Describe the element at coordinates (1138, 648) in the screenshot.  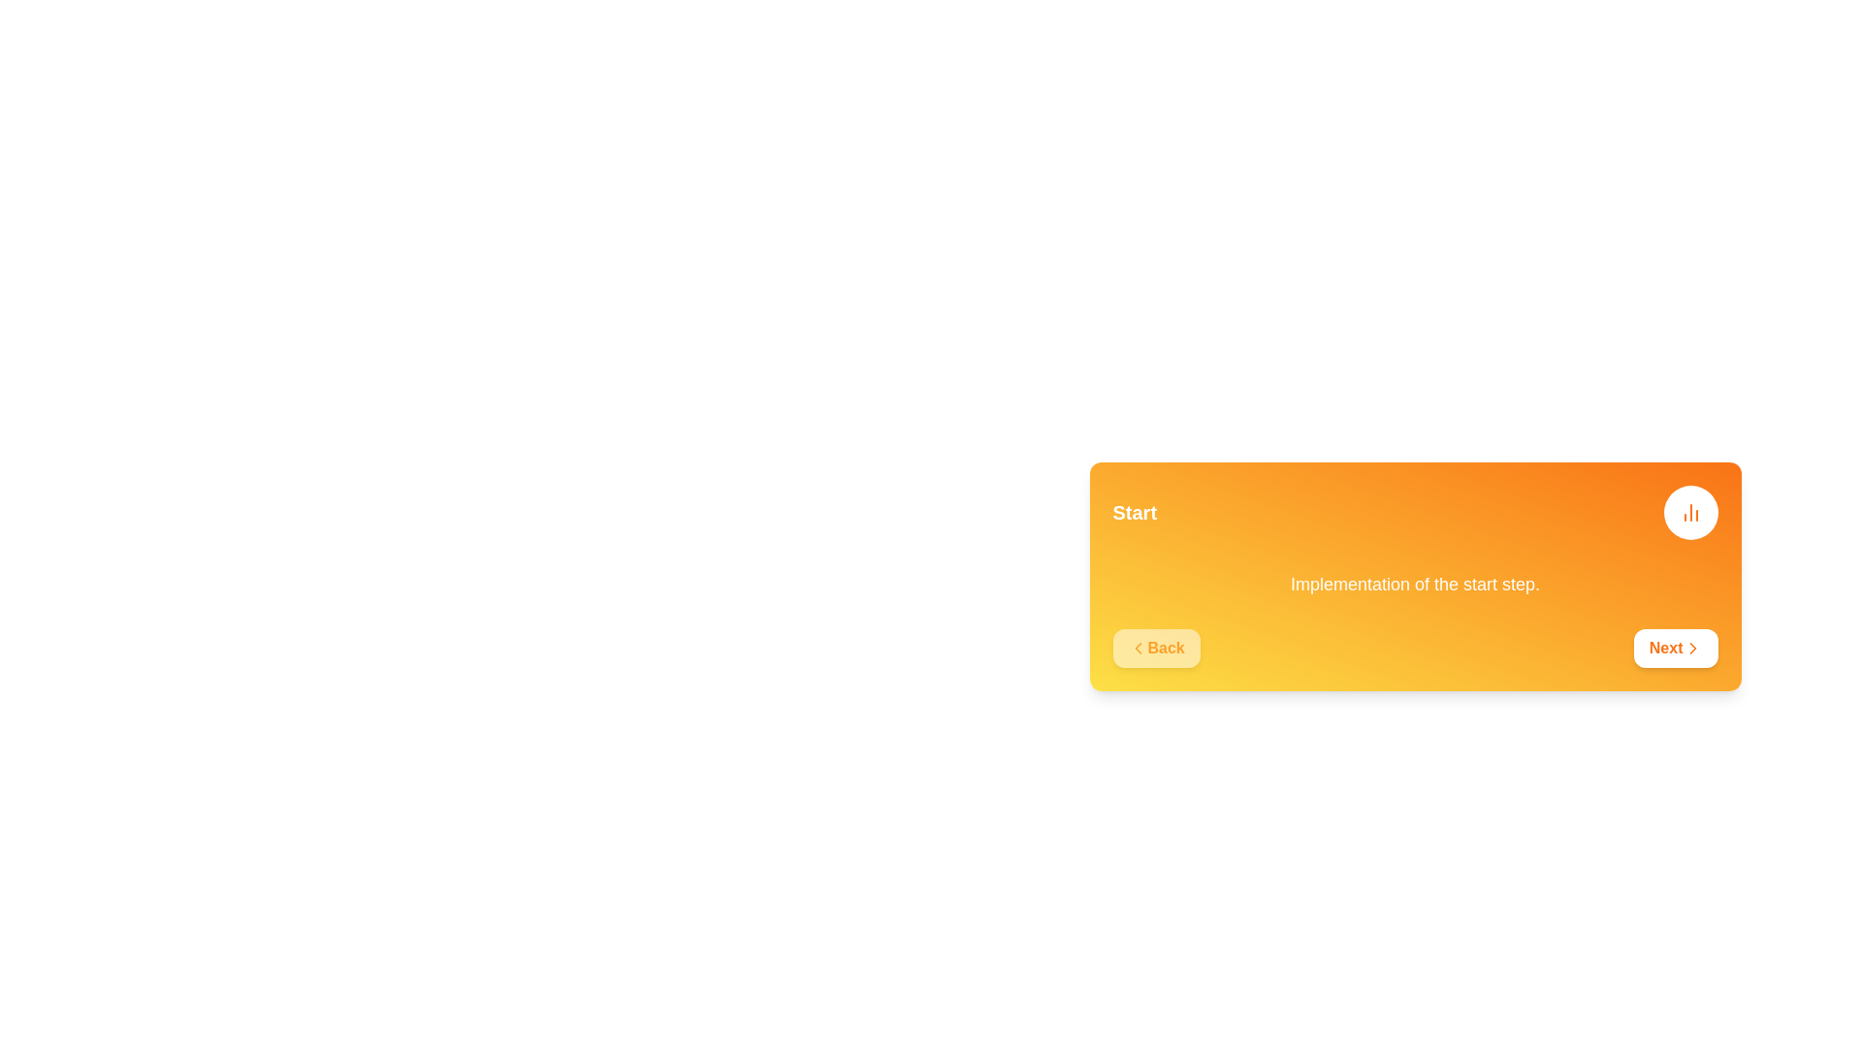
I see `the leftward chevron icon within the 'Back' button` at that location.